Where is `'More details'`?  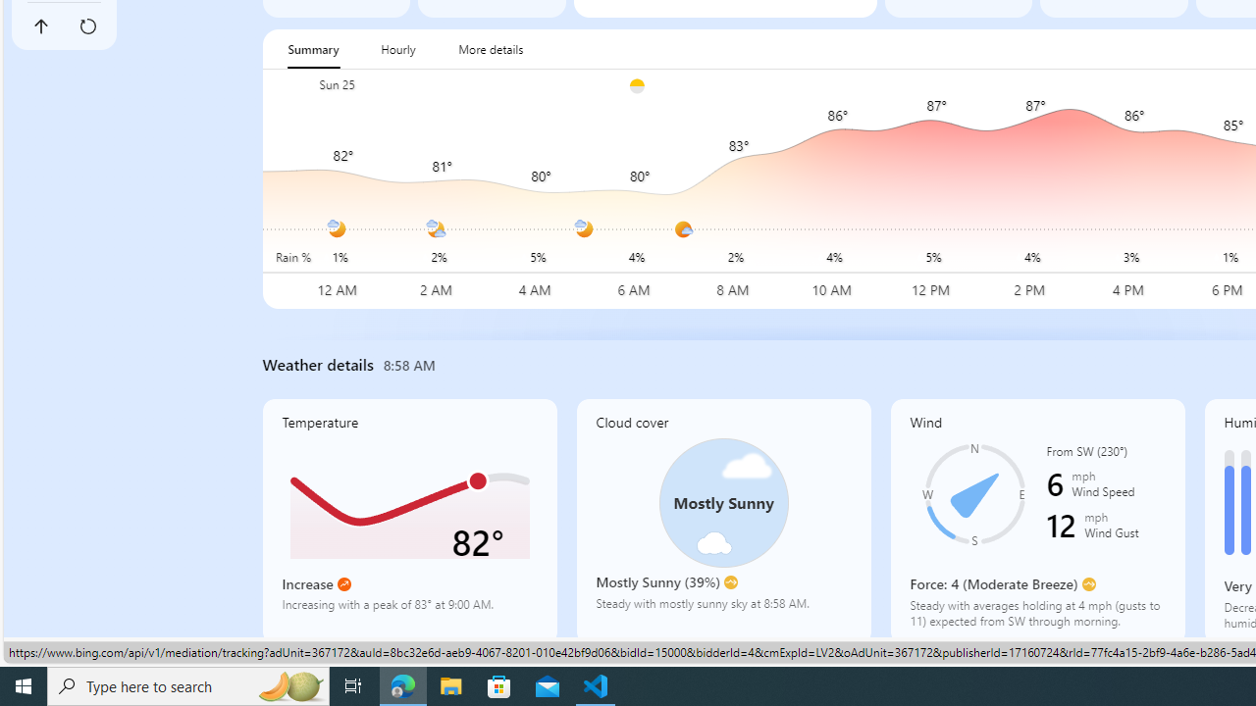
'More details' is located at coordinates (491, 48).